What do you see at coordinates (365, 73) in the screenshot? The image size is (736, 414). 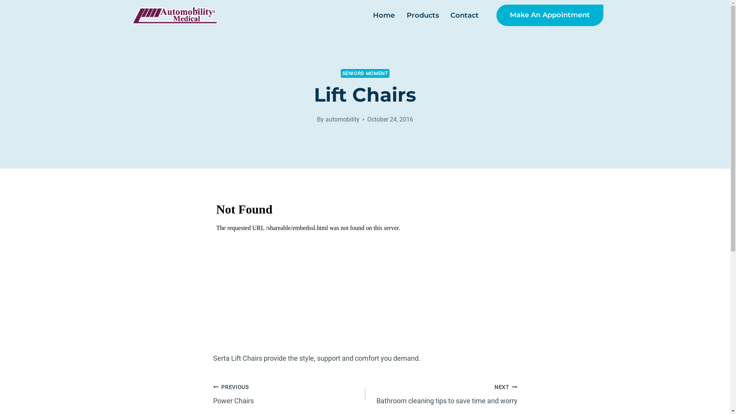 I see `'SENIORS MOMENT'` at bounding box center [365, 73].